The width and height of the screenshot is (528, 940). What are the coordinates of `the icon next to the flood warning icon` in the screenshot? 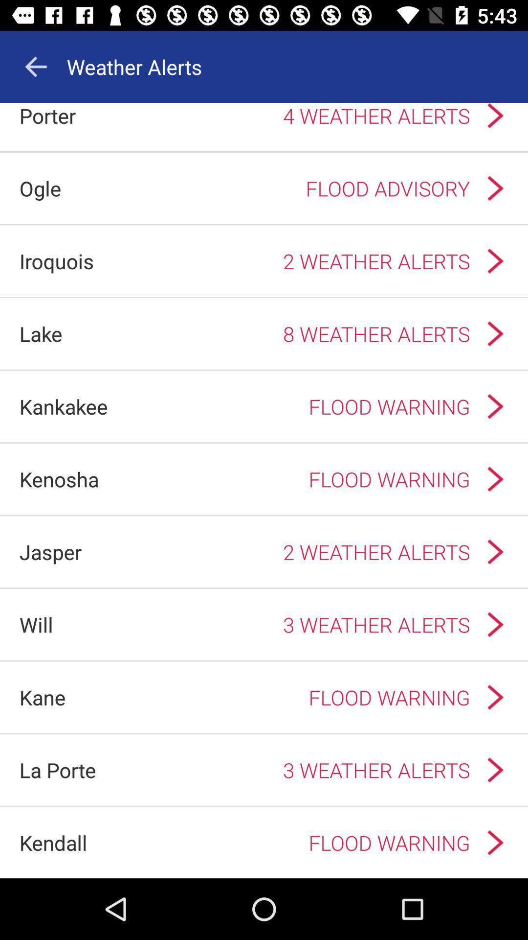 It's located at (64, 406).